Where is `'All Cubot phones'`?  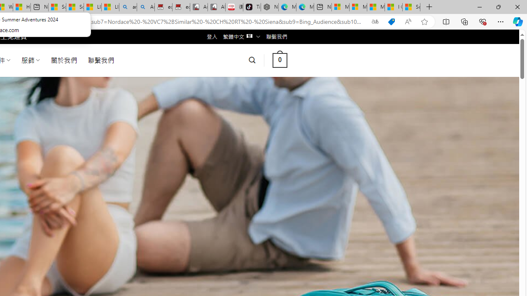
'All Cubot phones' is located at coordinates (217, 7).